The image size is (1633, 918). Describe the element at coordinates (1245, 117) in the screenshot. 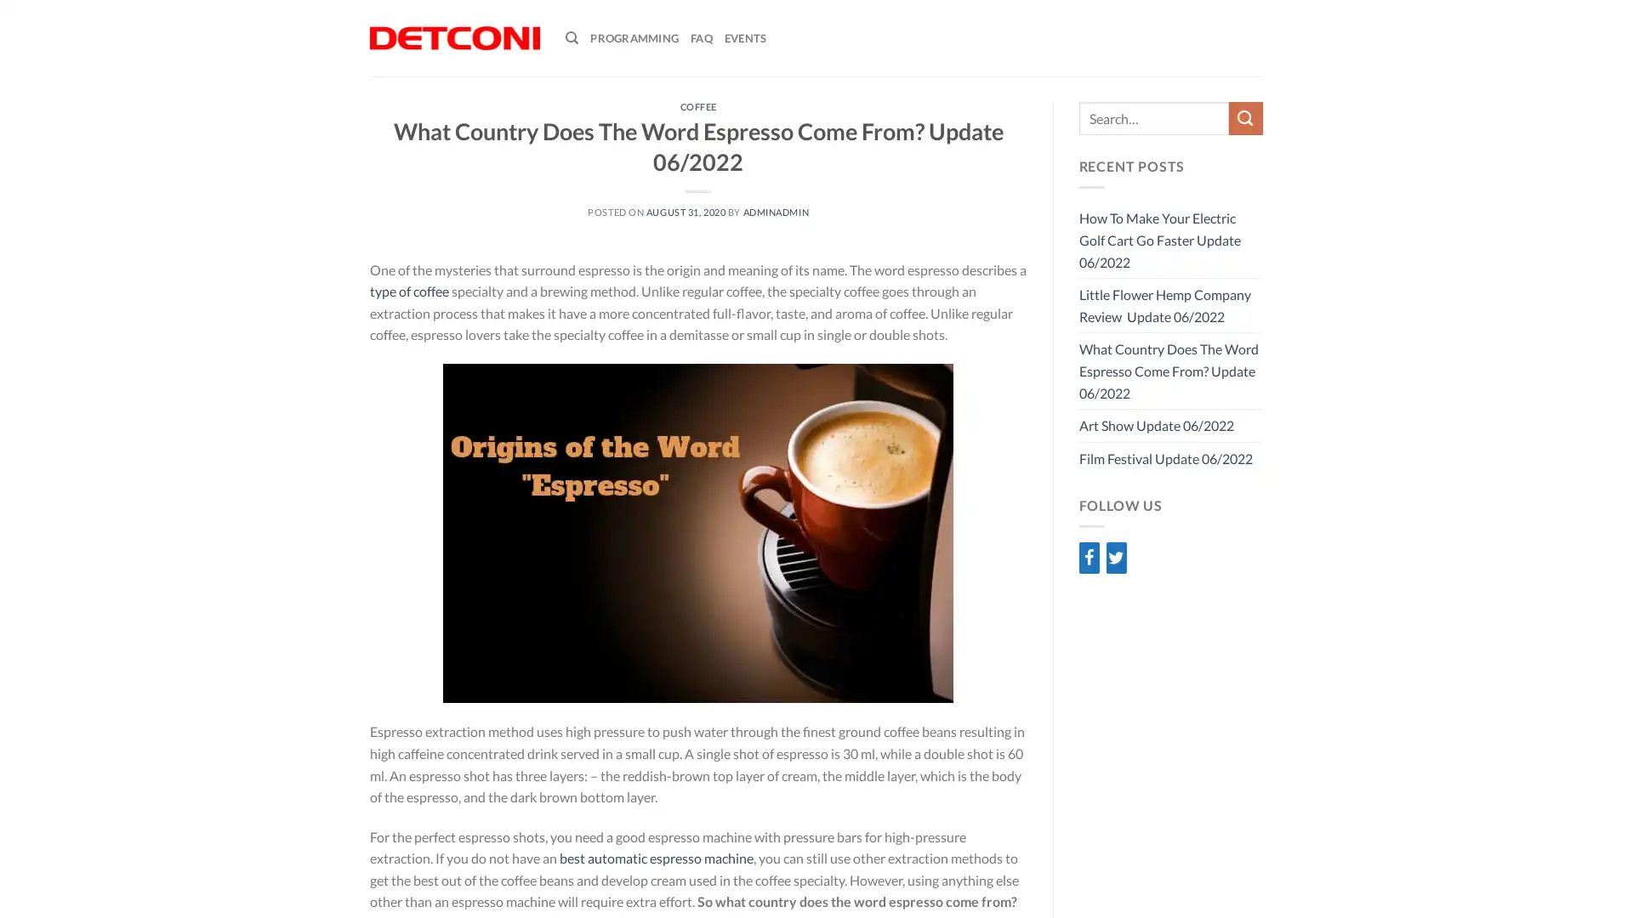

I see `Submit` at that location.